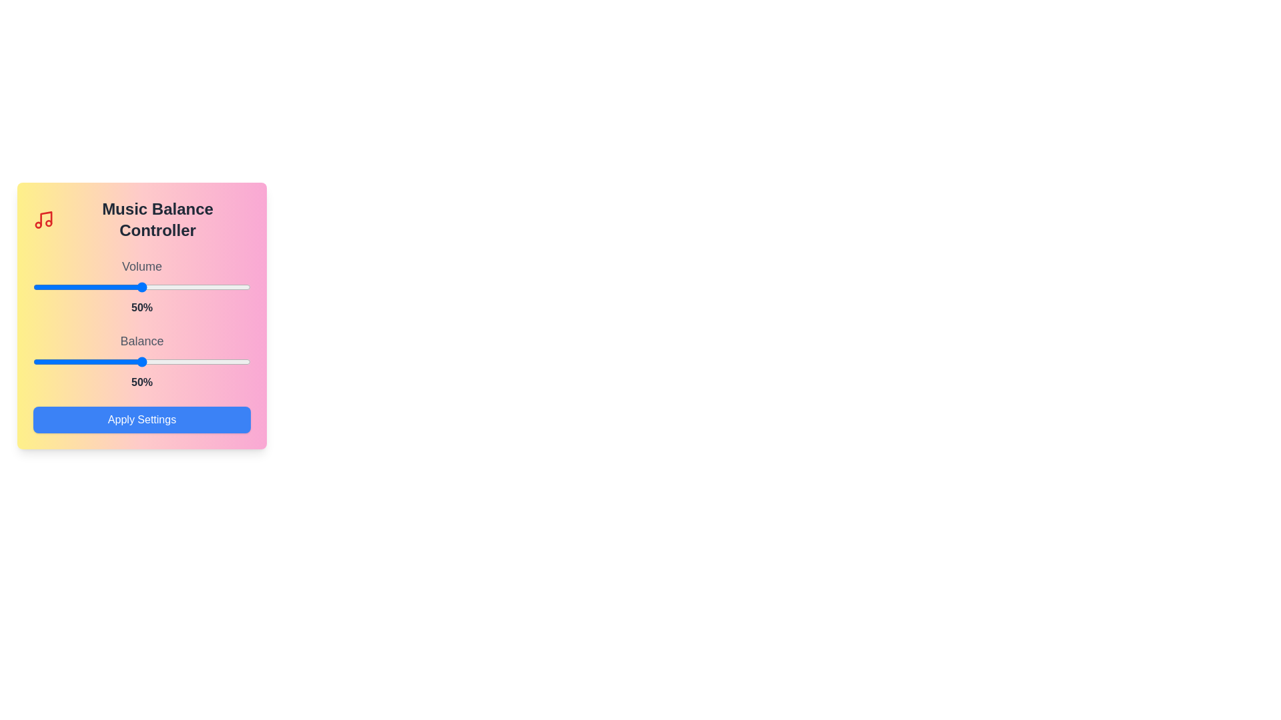 Image resolution: width=1281 pixels, height=720 pixels. I want to click on the balance slider to 95%, so click(240, 362).